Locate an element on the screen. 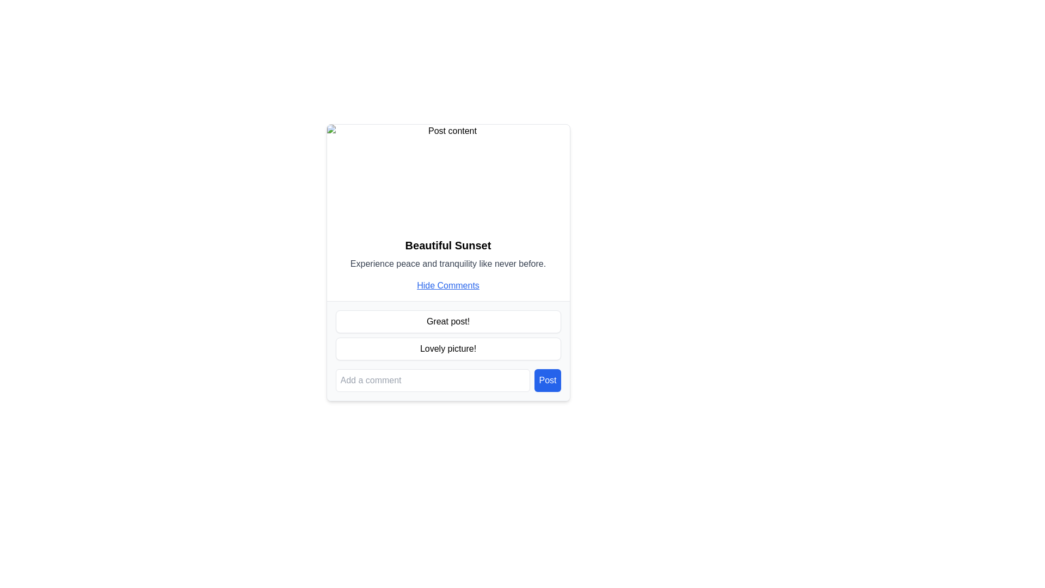 This screenshot has width=1045, height=588. the rectangular blue button with white text 'Post' located at the bottom right of the comment section is located at coordinates (548, 379).